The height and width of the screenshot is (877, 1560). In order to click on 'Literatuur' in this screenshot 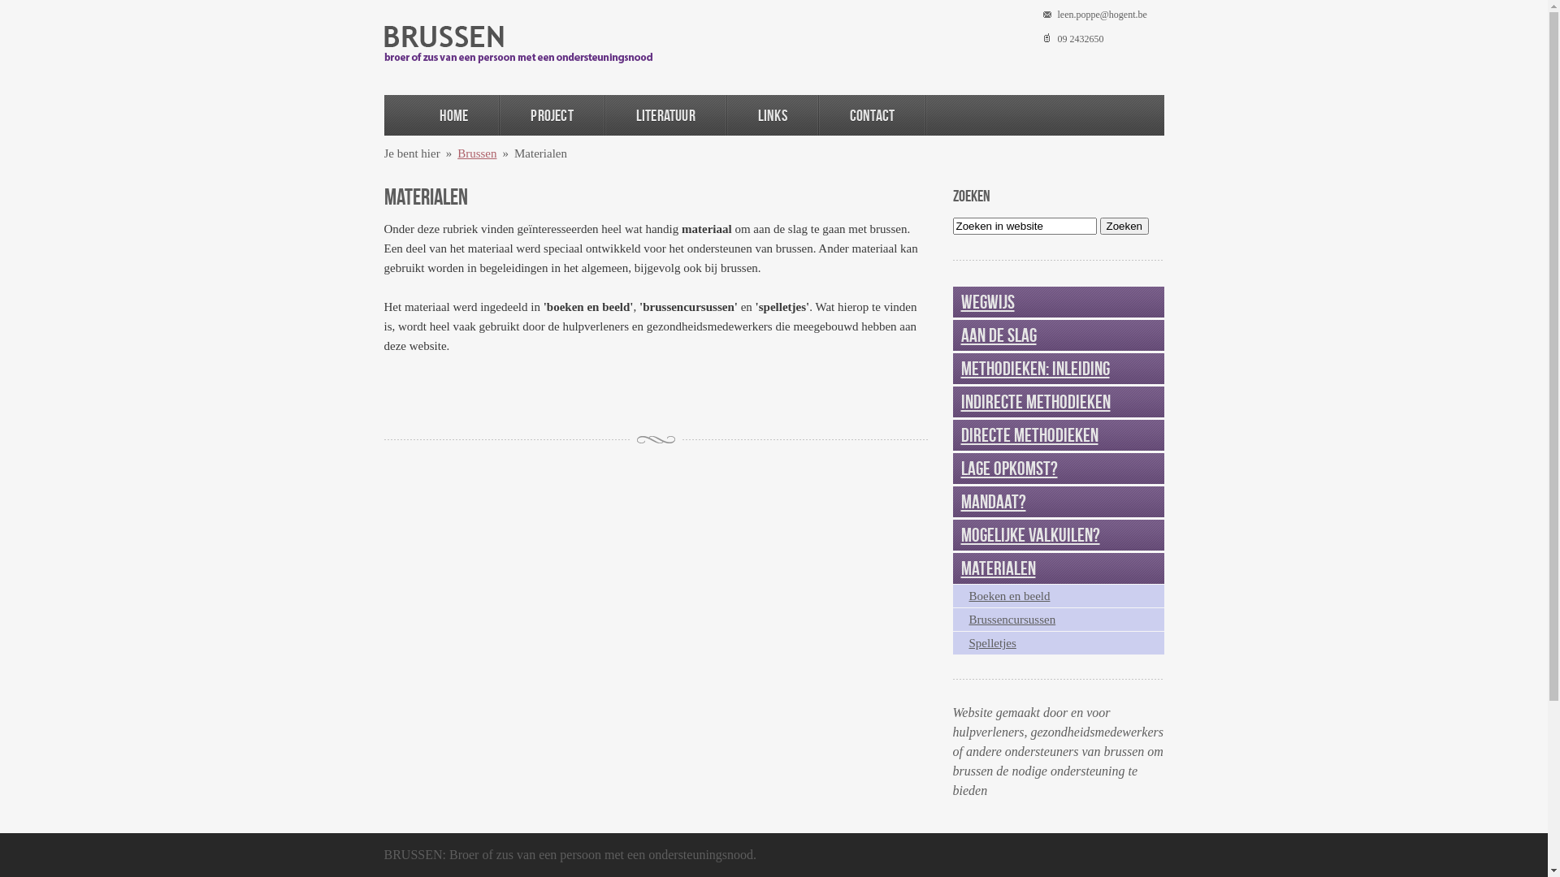, I will do `click(665, 114)`.